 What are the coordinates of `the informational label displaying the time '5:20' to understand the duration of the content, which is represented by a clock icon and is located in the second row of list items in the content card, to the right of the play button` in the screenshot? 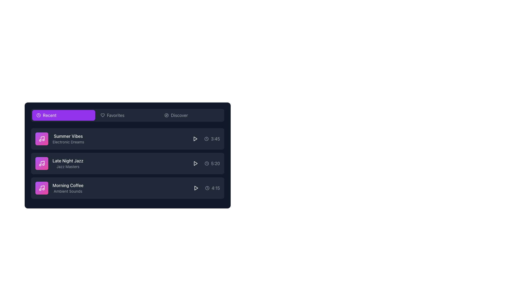 It's located at (212, 163).